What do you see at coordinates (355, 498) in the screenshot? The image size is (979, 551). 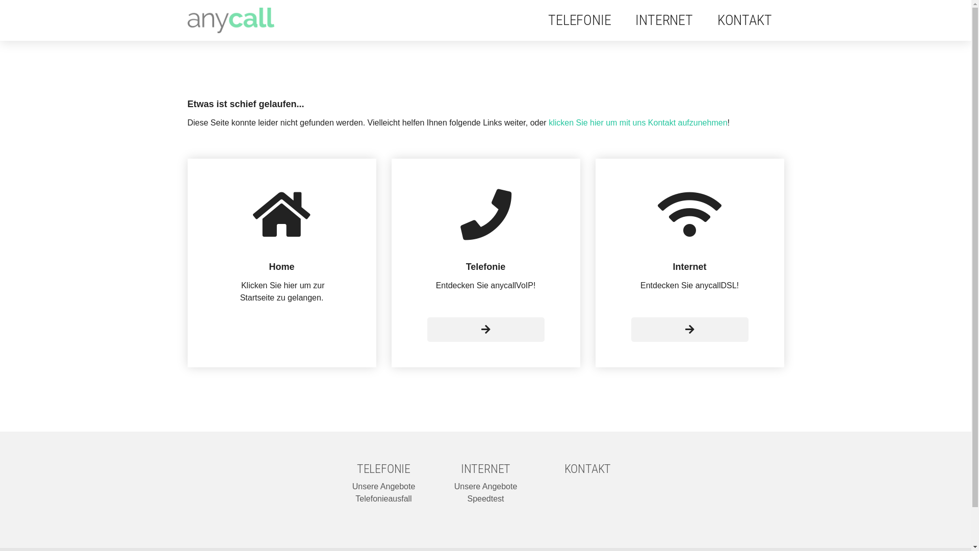 I see `'Telefonieausfall'` at bounding box center [355, 498].